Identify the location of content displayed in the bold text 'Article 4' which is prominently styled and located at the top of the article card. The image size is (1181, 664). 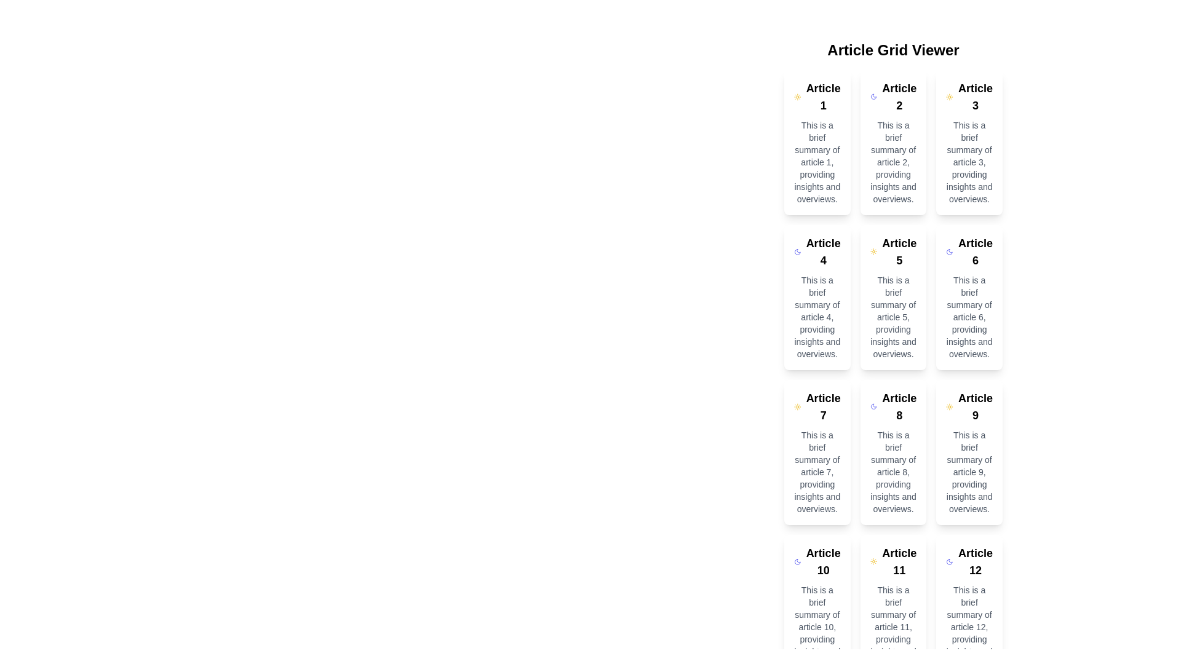
(823, 251).